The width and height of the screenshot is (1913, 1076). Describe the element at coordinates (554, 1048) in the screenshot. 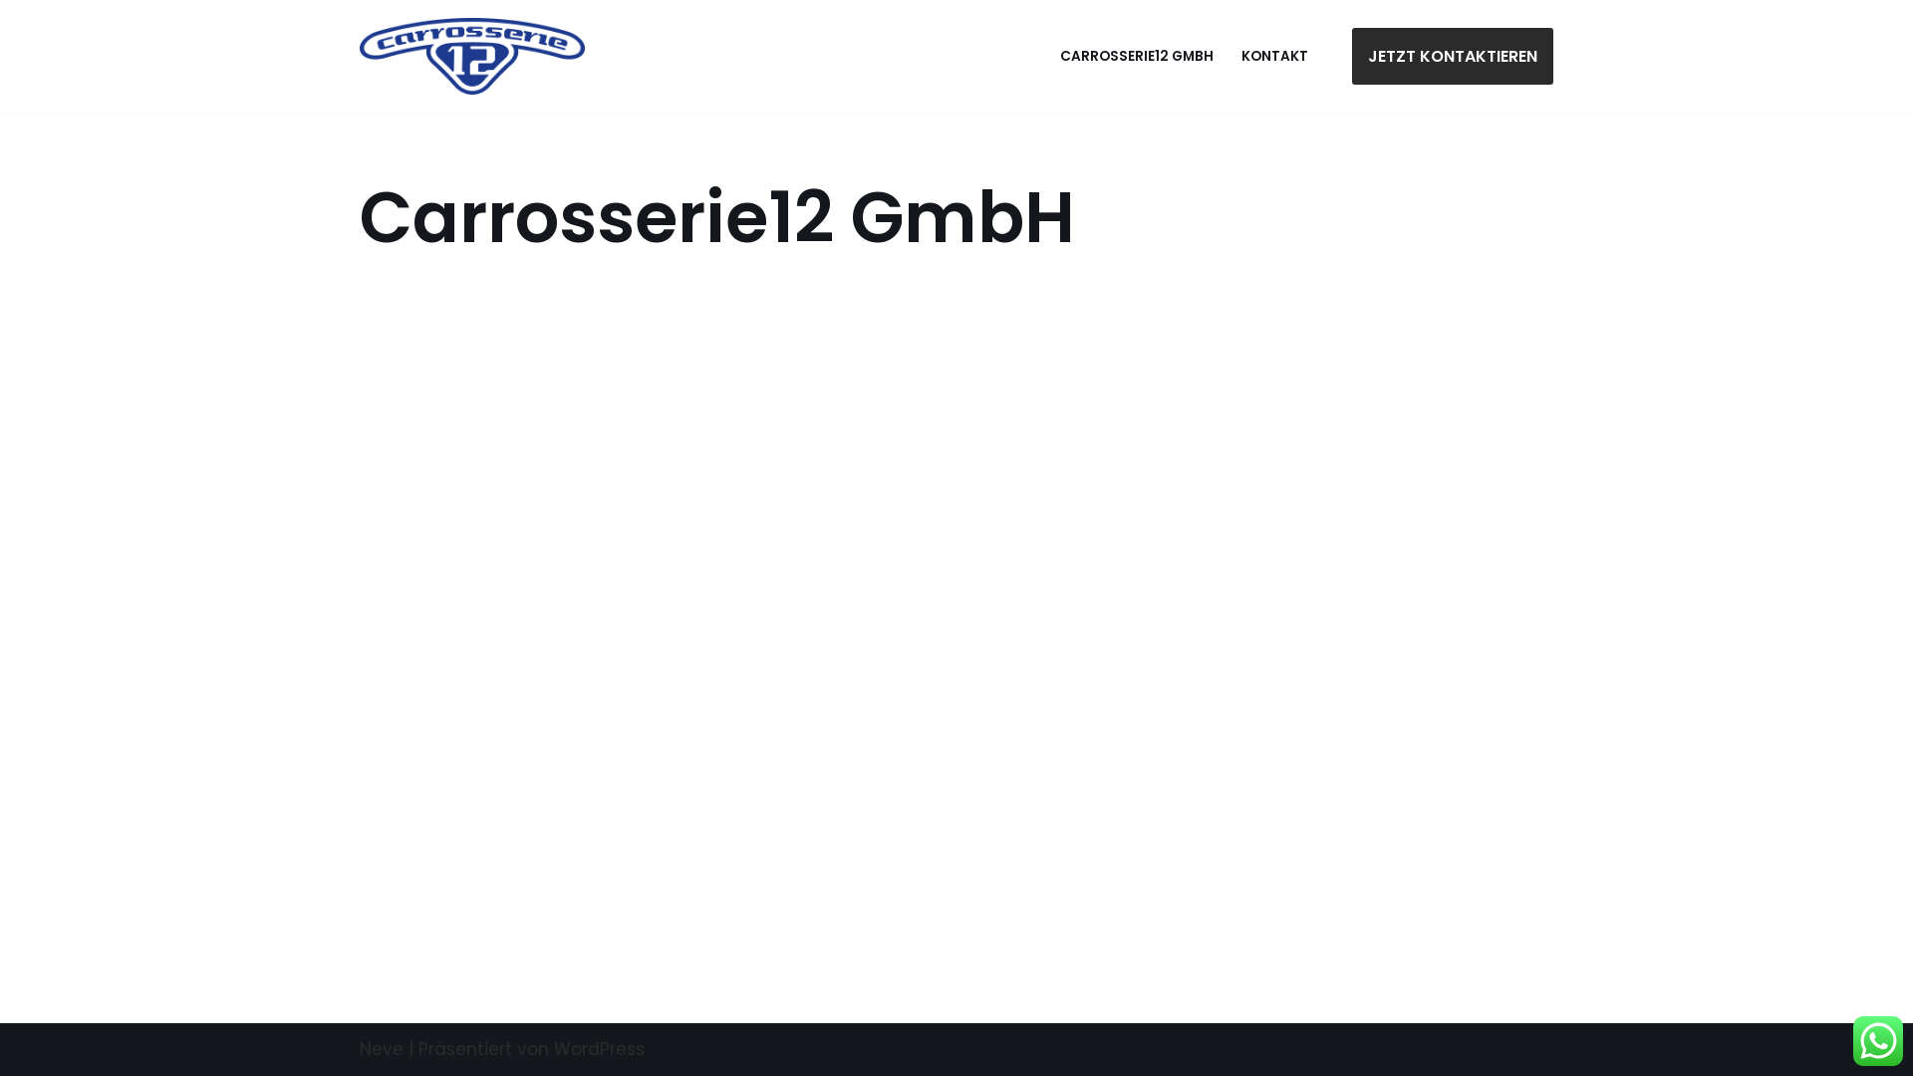

I see `'WordPress'` at that location.